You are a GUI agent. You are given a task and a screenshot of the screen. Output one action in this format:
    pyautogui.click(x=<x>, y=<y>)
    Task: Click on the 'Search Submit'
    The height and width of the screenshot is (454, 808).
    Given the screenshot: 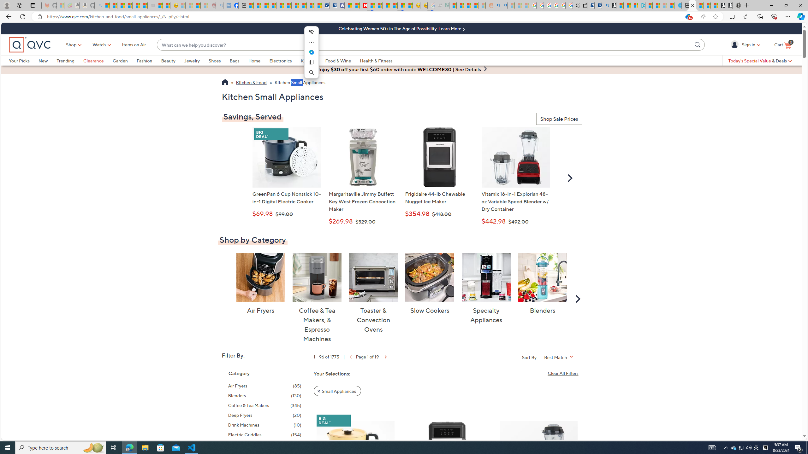 What is the action you would take?
    pyautogui.click(x=698, y=44)
    